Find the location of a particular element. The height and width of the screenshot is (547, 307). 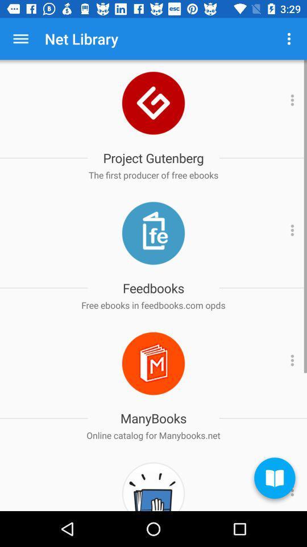

the app above the the first producer item is located at coordinates (153, 157).